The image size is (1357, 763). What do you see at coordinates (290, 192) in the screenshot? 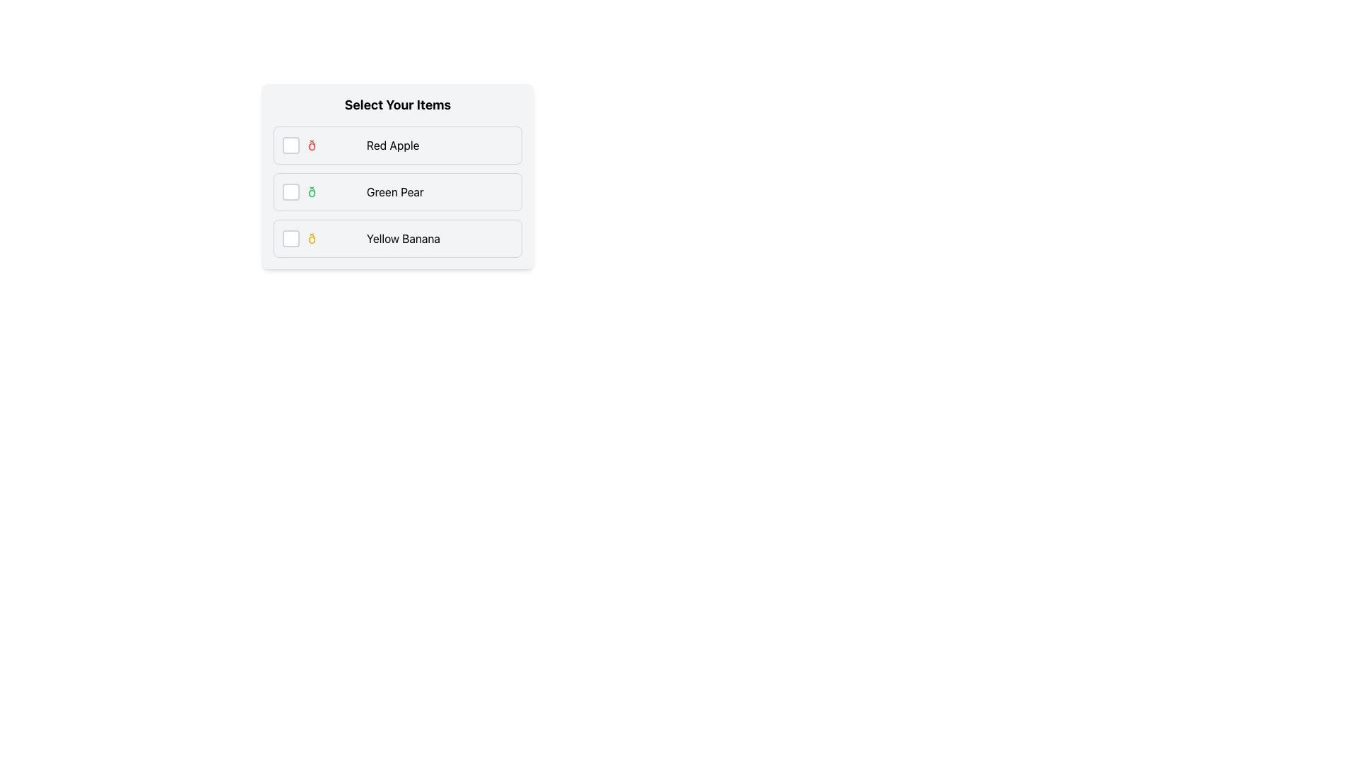
I see `the checkbox element located to the far left of the 'Green Pear' label and emoji icon` at bounding box center [290, 192].